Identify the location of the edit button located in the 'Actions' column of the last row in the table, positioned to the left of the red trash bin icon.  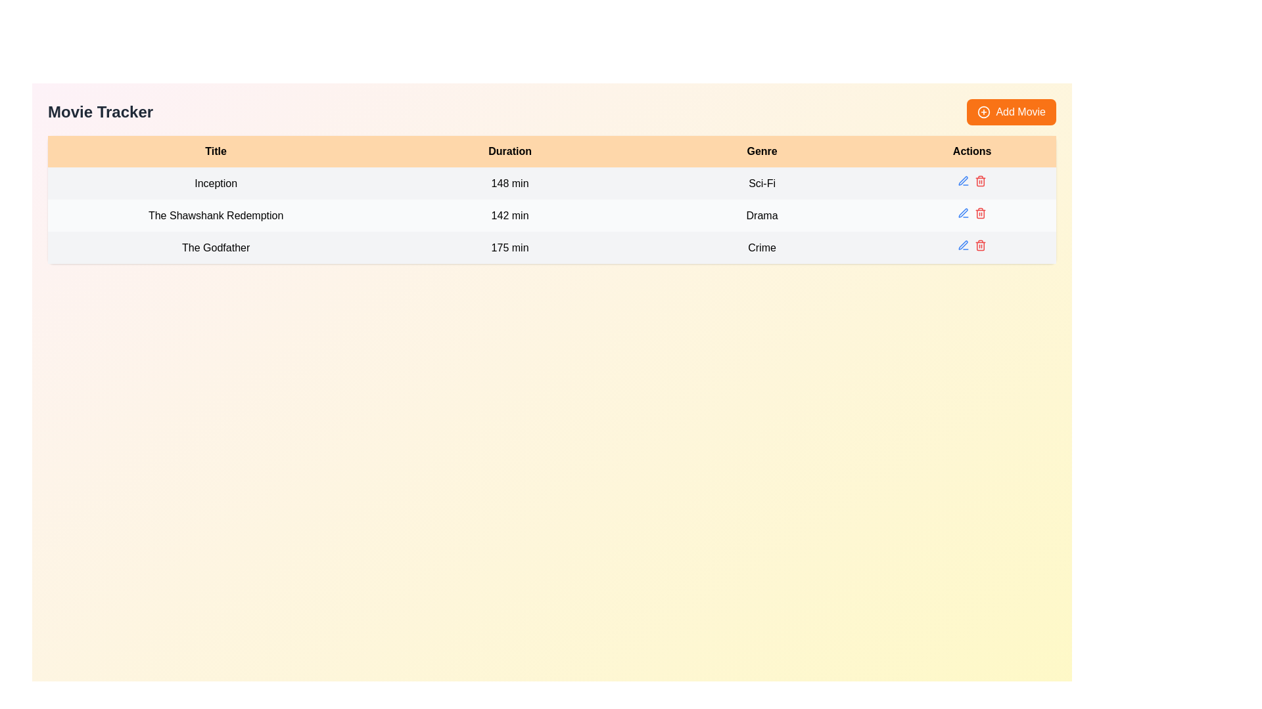
(963, 246).